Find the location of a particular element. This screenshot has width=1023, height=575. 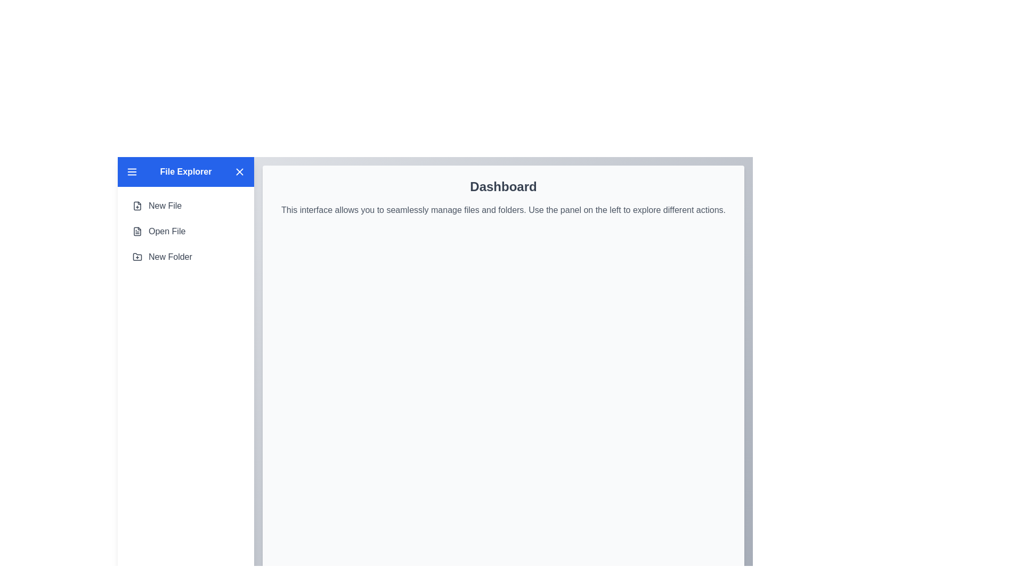

the 'Create New Folder' icon located in the sidebar menu, adjacent to the 'New Folder' label is located at coordinates (137, 257).